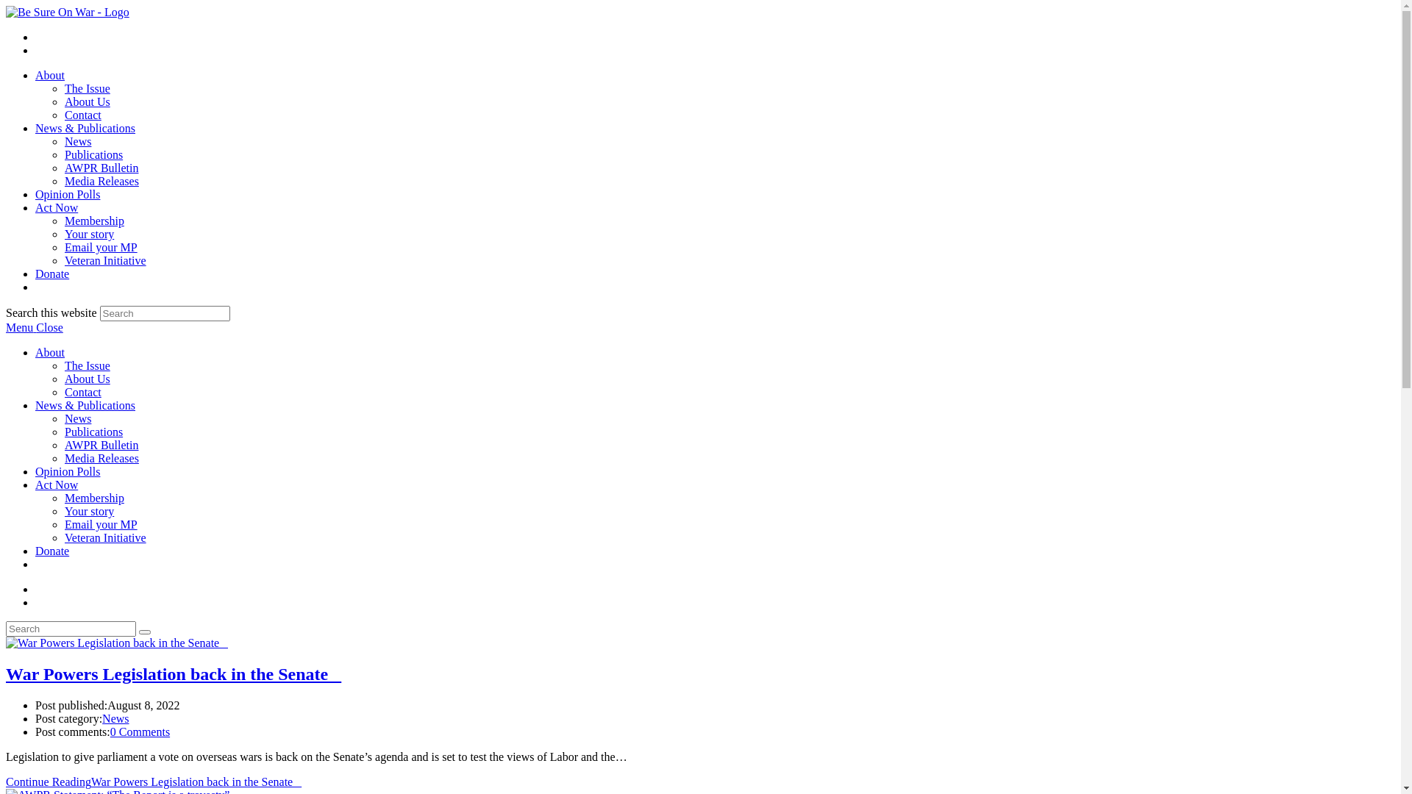  What do you see at coordinates (63, 391) in the screenshot?
I see `'Contact'` at bounding box center [63, 391].